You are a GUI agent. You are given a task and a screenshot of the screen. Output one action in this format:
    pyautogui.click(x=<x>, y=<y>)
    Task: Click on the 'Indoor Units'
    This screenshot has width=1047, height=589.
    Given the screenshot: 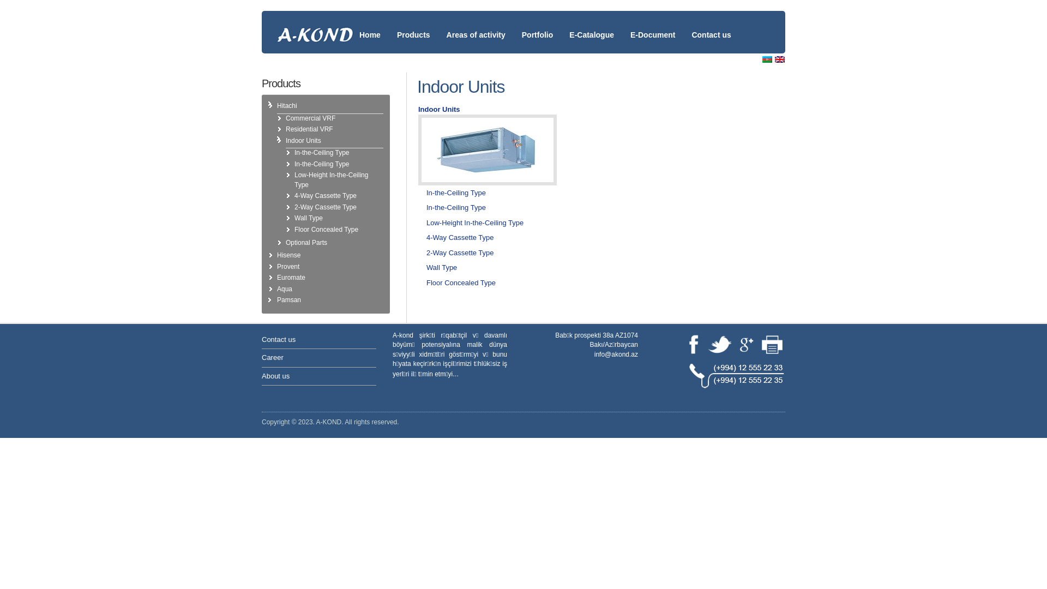 What is the action you would take?
    pyautogui.click(x=486, y=182)
    